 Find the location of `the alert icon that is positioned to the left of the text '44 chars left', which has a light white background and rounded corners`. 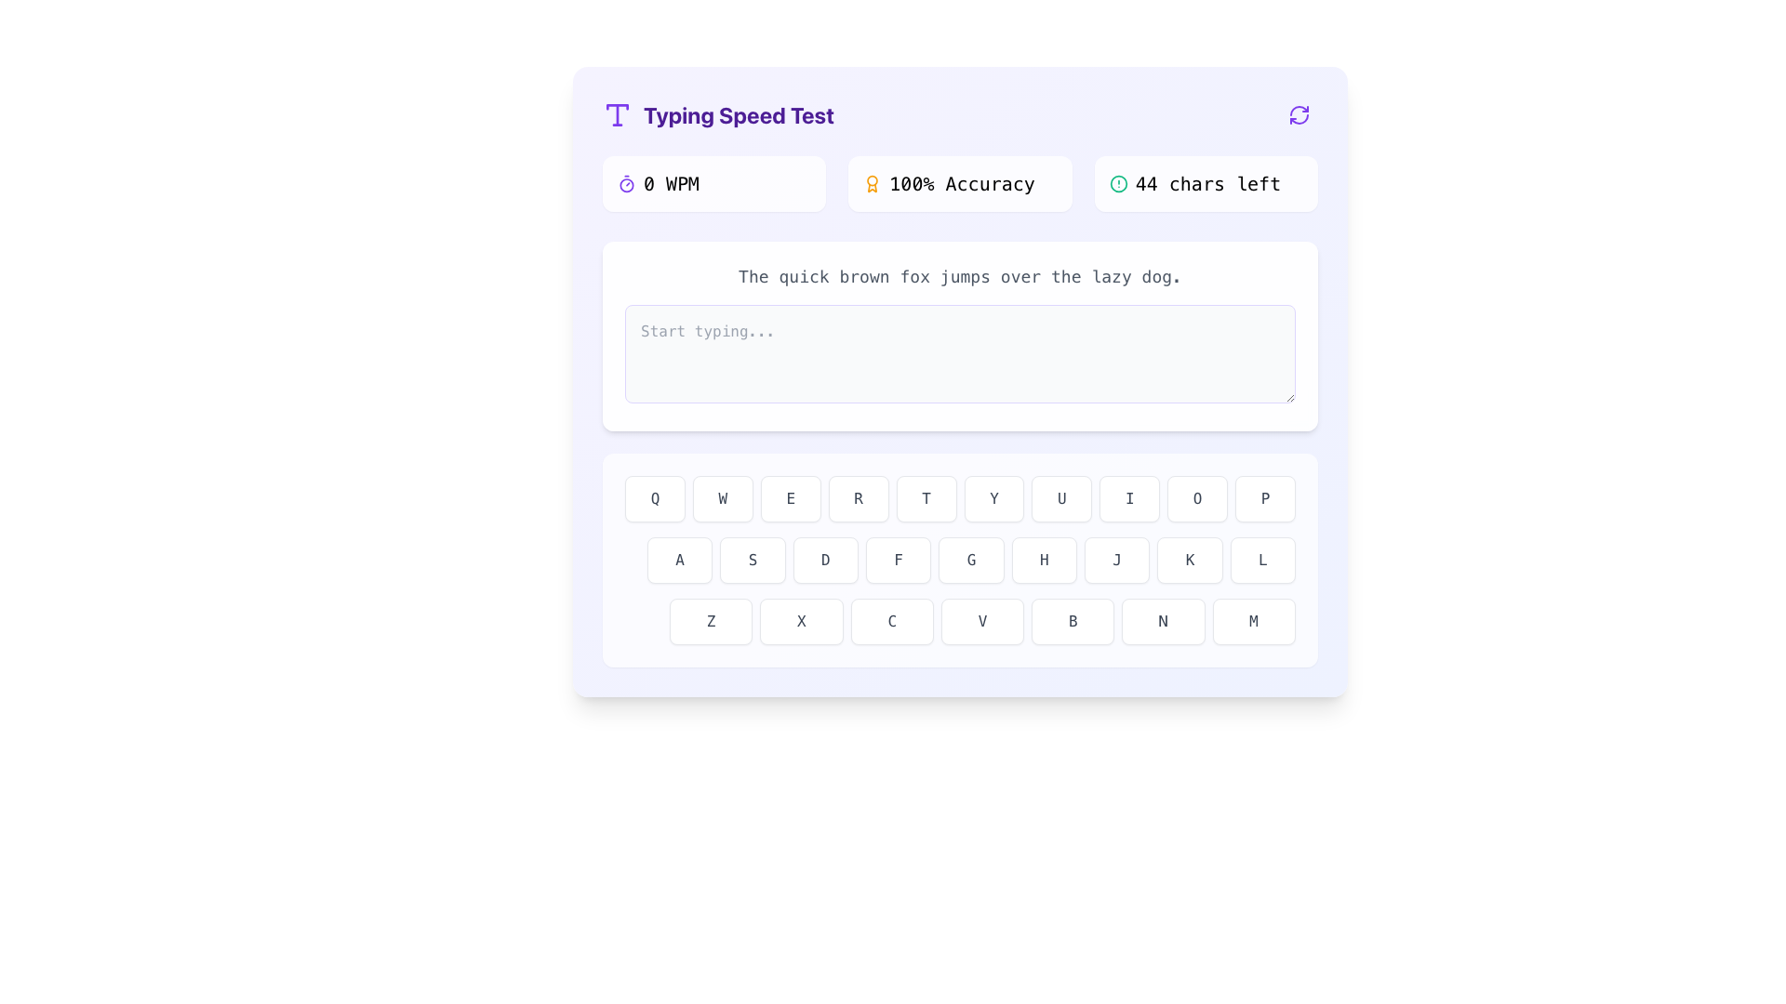

the alert icon that is positioned to the left of the text '44 chars left', which has a light white background and rounded corners is located at coordinates (1117, 183).